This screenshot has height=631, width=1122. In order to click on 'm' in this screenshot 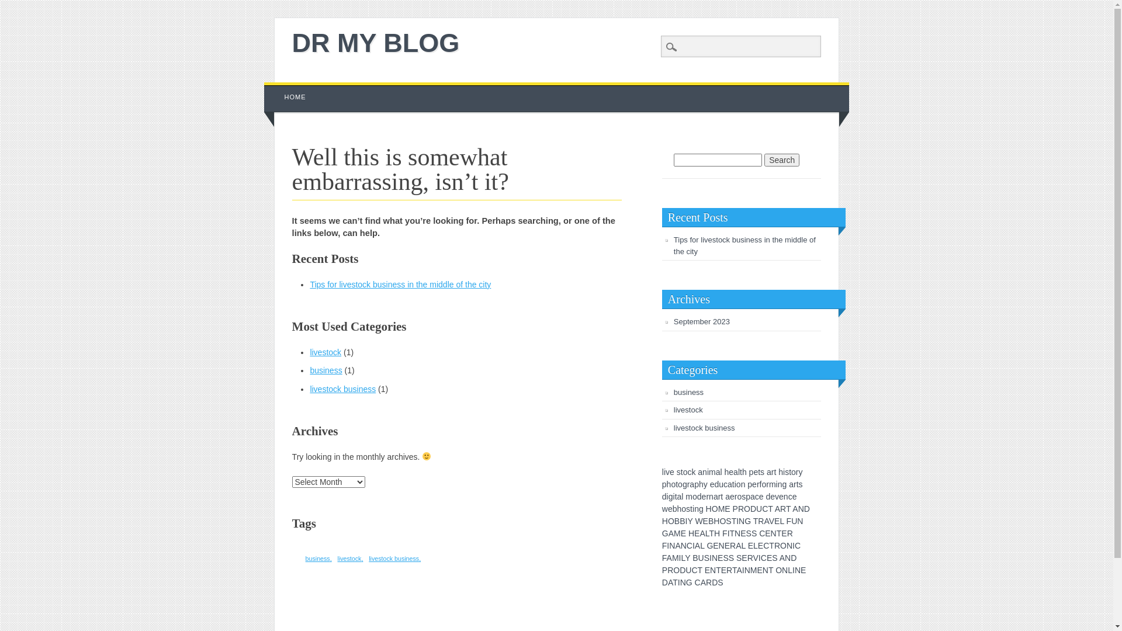, I will do `click(689, 496)`.